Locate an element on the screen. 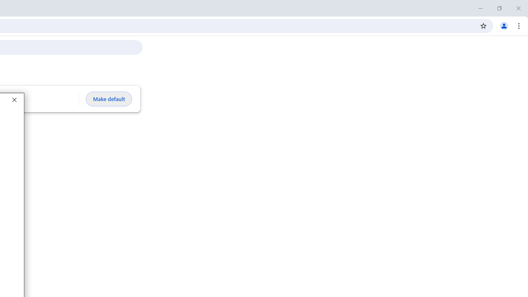 The image size is (528, 297). 'Make default' is located at coordinates (108, 99).